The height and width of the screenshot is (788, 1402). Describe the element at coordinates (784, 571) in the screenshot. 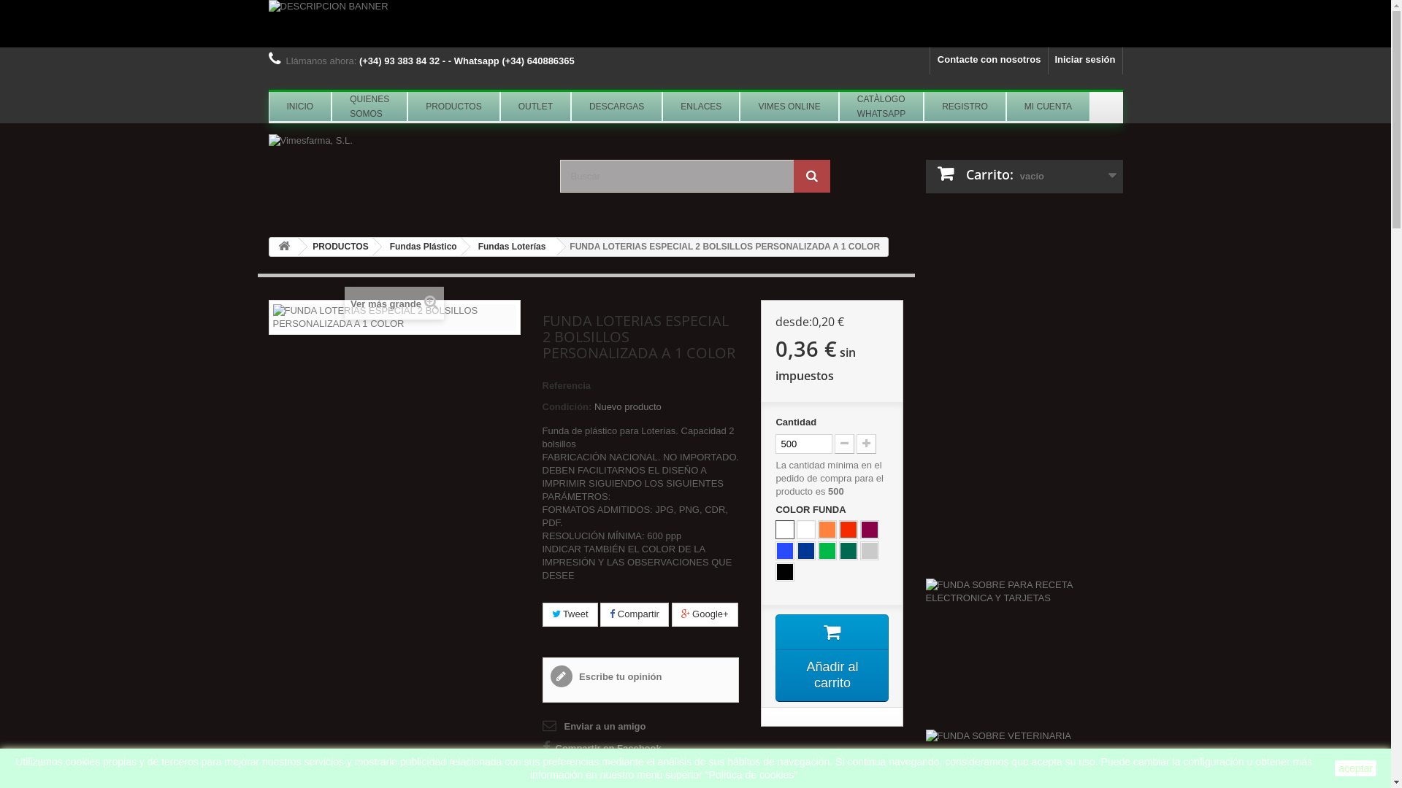

I see `'NEGRO'` at that location.